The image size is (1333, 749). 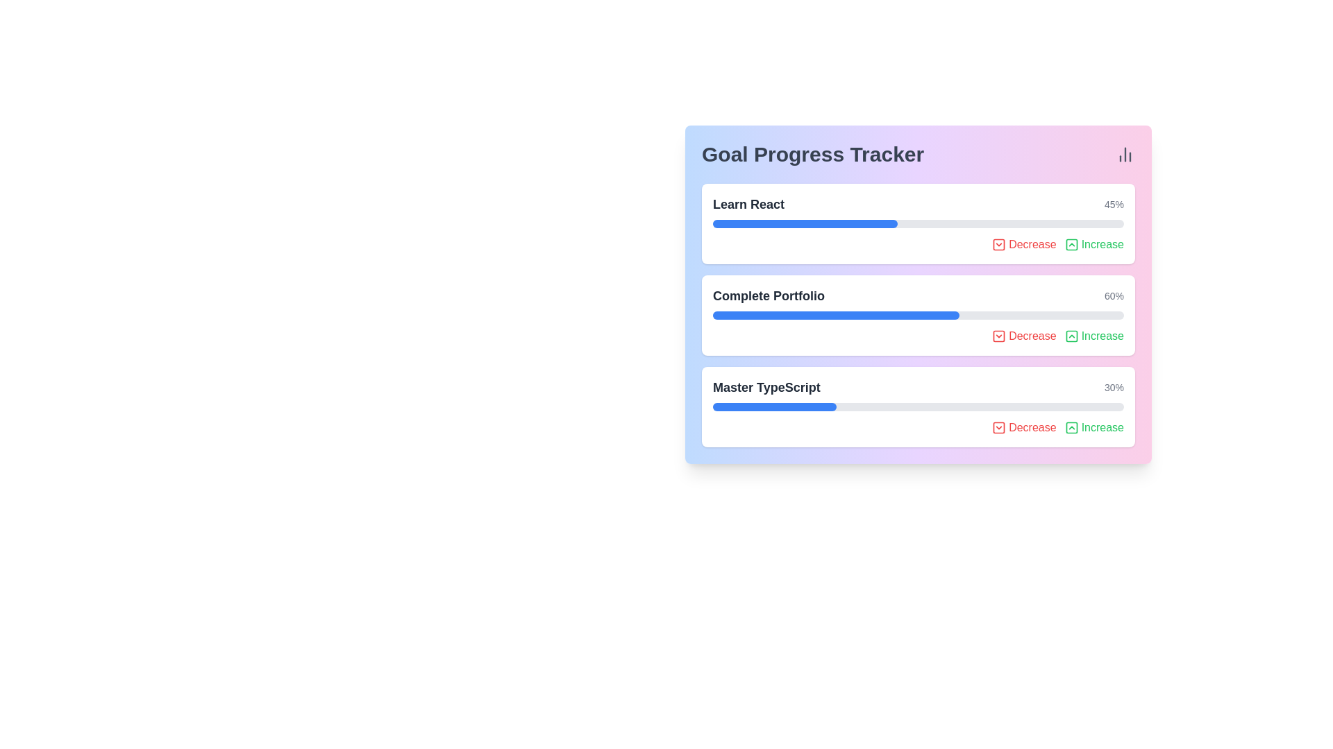 I want to click on the decorative graphic element within the SVG that has a square shape with rounded corners and is styled with a standard border color, so click(x=998, y=244).